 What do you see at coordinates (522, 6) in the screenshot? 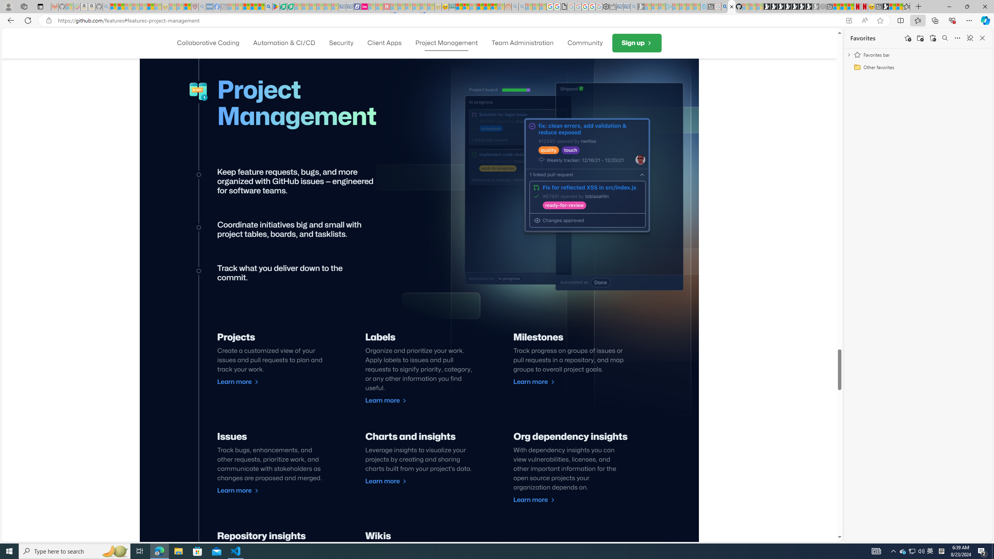
I see `'Utah sues federal government - Search - Sleeping'` at bounding box center [522, 6].